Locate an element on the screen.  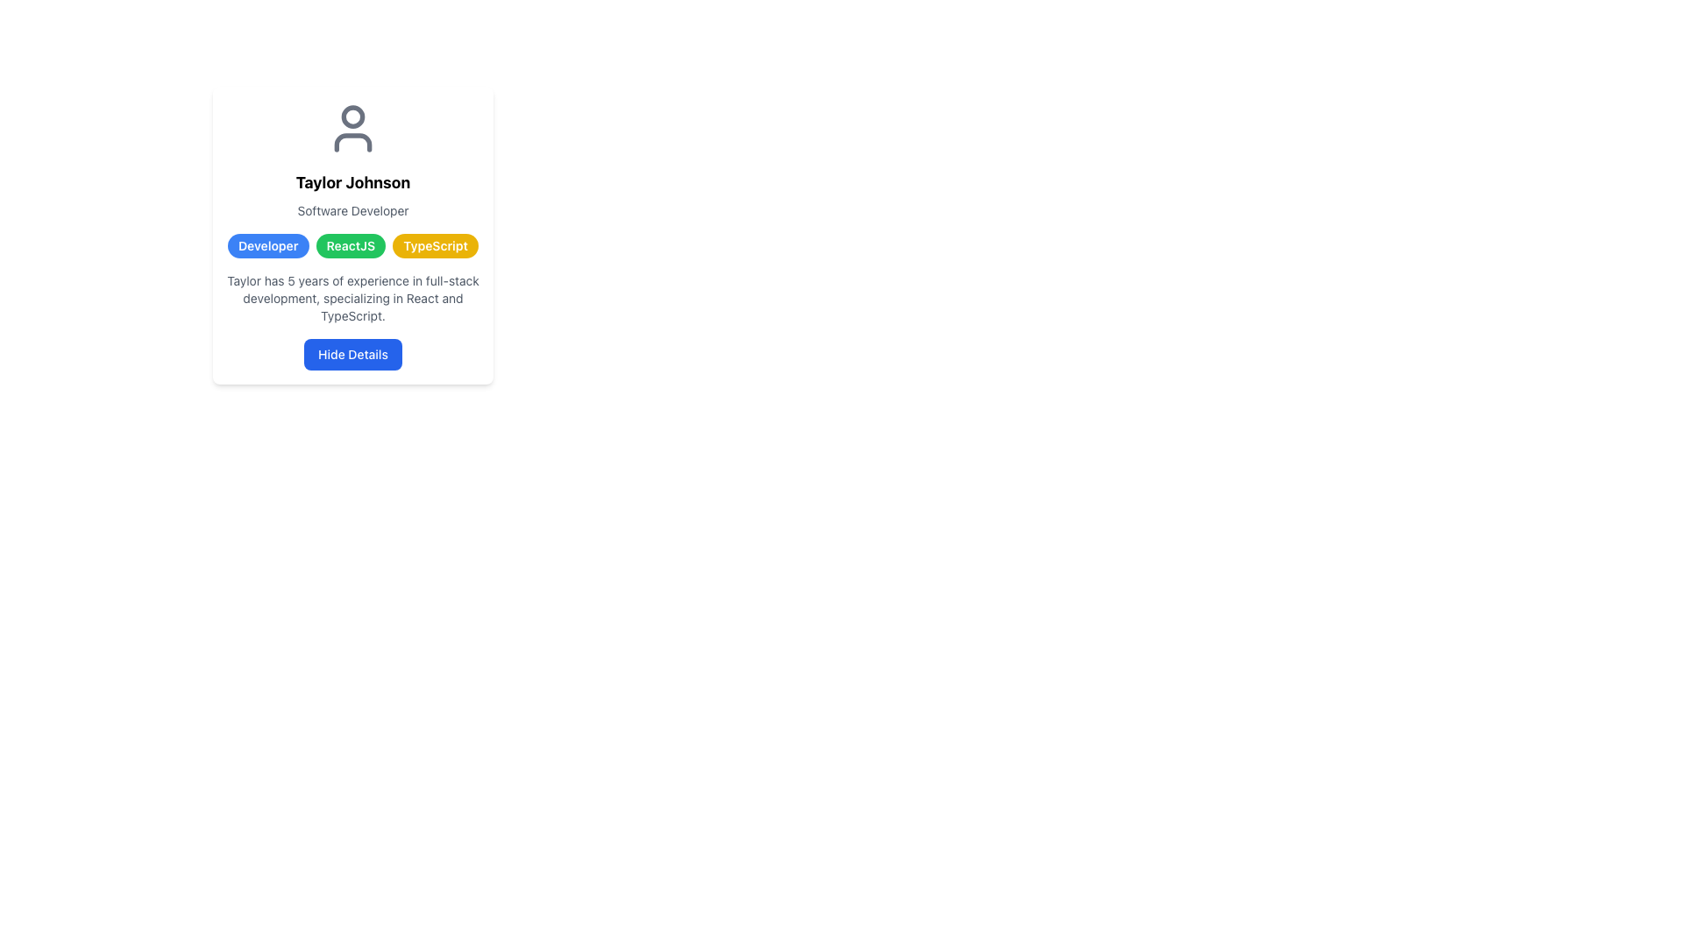
the middle badge label that provides information about the skillset or technology associated with the profile, located between the blue 'Developer' badge and the yellow 'TypeScript' badge is located at coordinates (351, 246).